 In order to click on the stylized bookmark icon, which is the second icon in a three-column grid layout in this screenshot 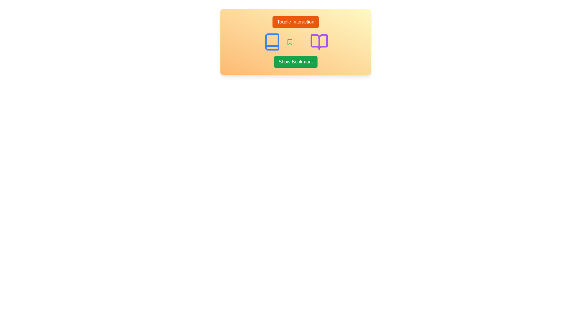, I will do `click(290, 41)`.